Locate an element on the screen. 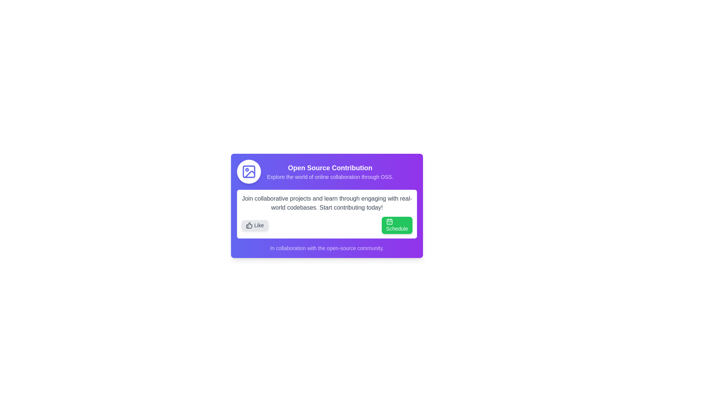 The height and width of the screenshot is (405, 720). the like icon located to the left of the 'Like' label within the 'Open Source Contribution' section of the purple card interface is located at coordinates (249, 225).